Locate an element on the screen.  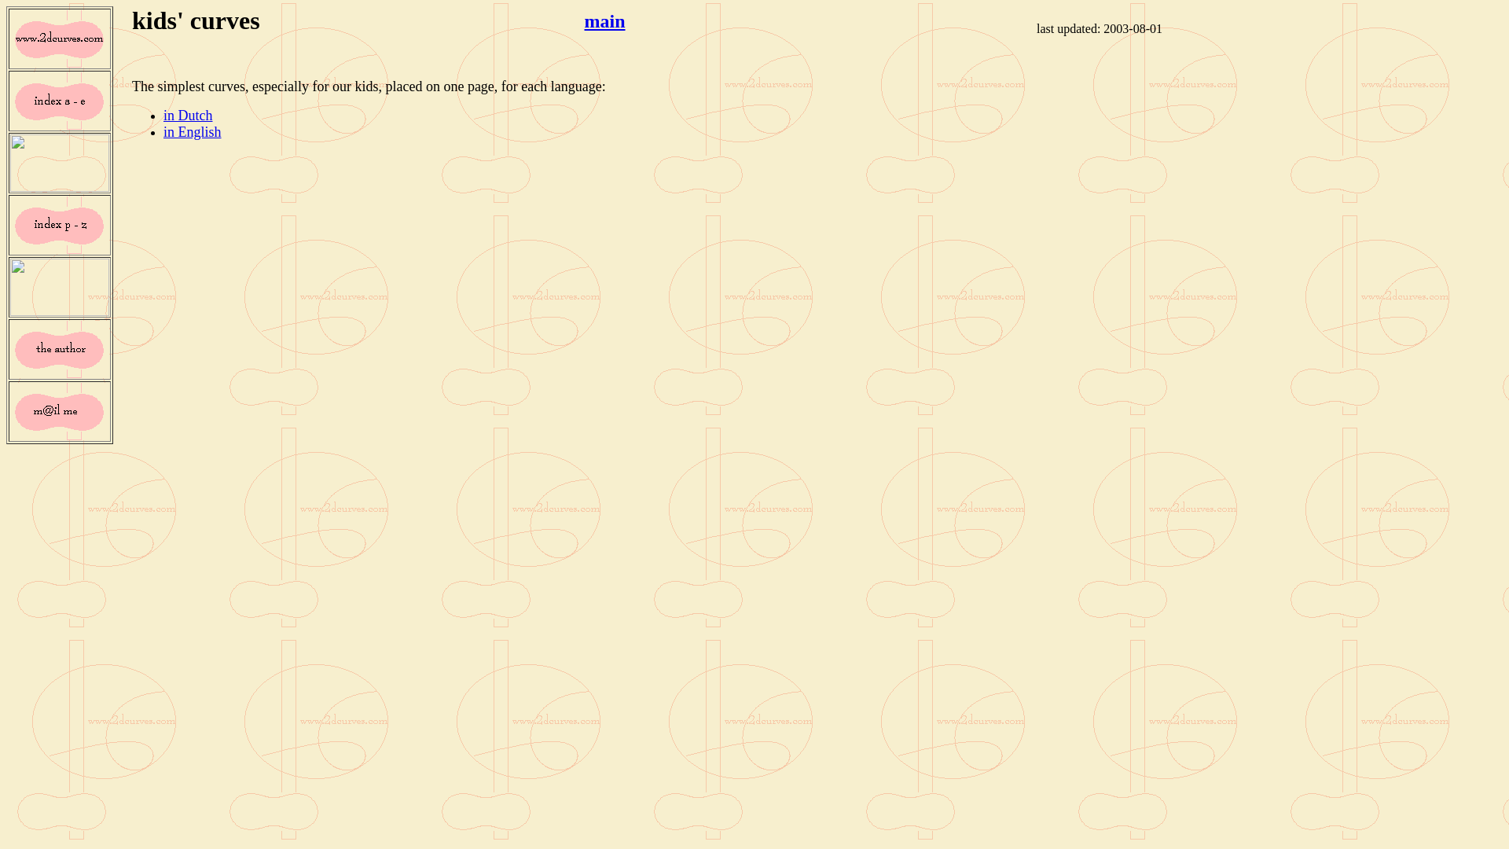
'main' is located at coordinates (604, 21).